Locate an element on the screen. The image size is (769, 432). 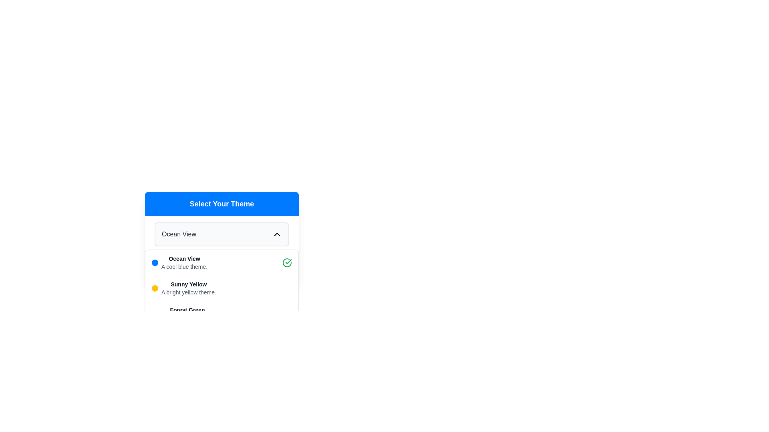
the text label that identifies the theme option located below 'Ocean View' and above 'Forest Green' in the vertical list under 'Select Your Theme' is located at coordinates (188, 284).